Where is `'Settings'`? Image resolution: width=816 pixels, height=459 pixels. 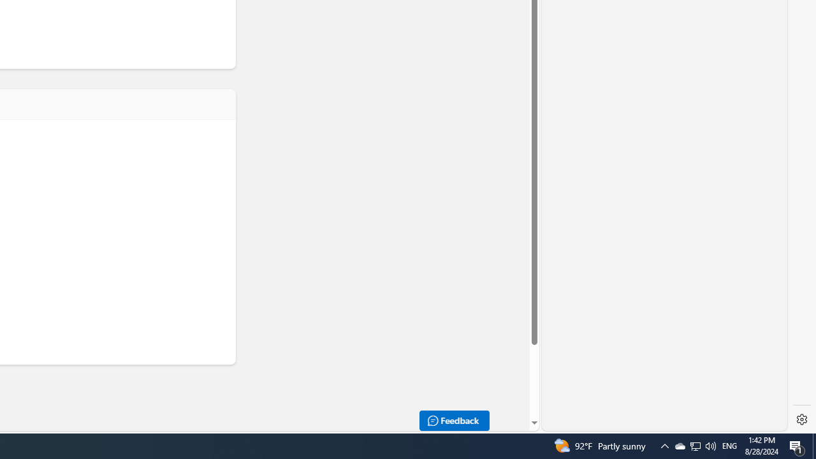 'Settings' is located at coordinates (801, 419).